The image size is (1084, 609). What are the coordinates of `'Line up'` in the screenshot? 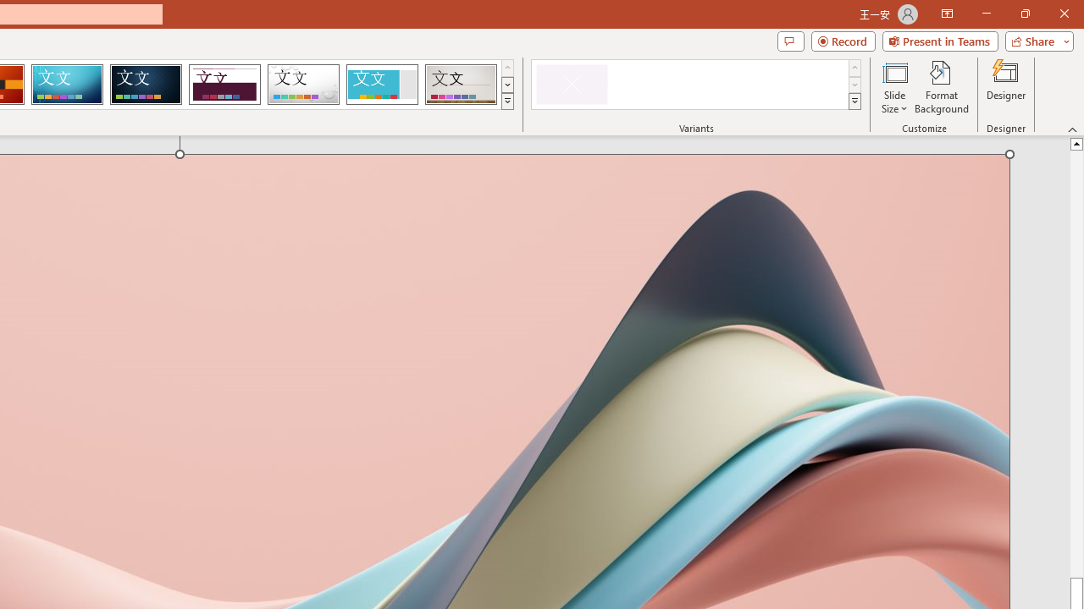 It's located at (1076, 142).